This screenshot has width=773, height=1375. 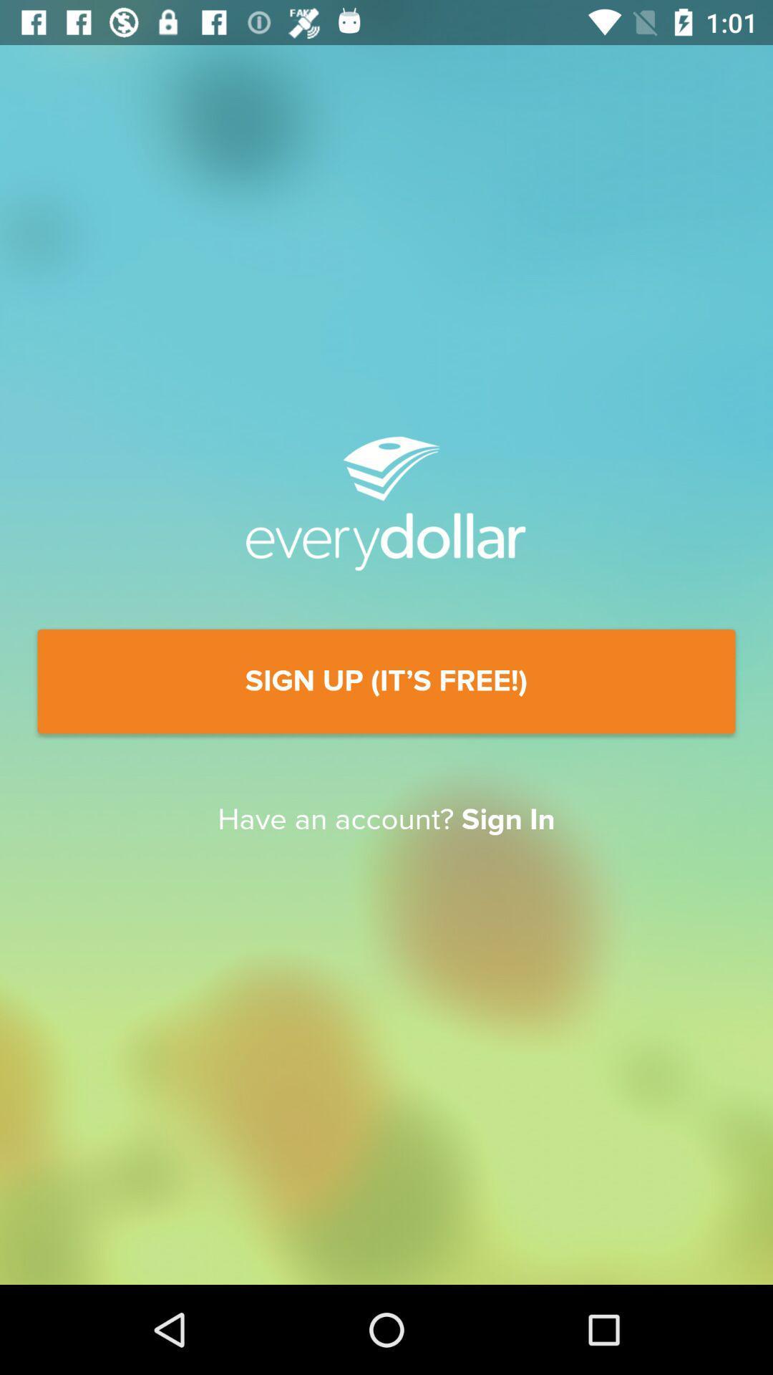 What do you see at coordinates (386, 820) in the screenshot?
I see `the icon below the sign up it item` at bounding box center [386, 820].